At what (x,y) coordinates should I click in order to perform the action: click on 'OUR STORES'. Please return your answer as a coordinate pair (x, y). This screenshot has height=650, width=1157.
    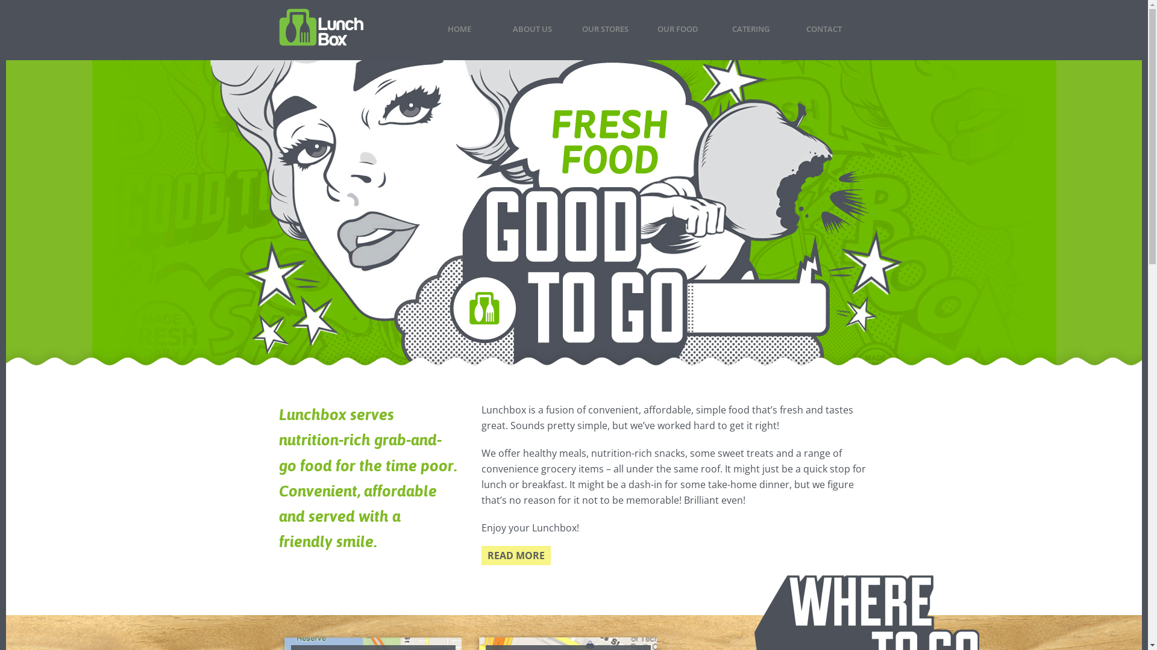
    Looking at the image, I should click on (605, 33).